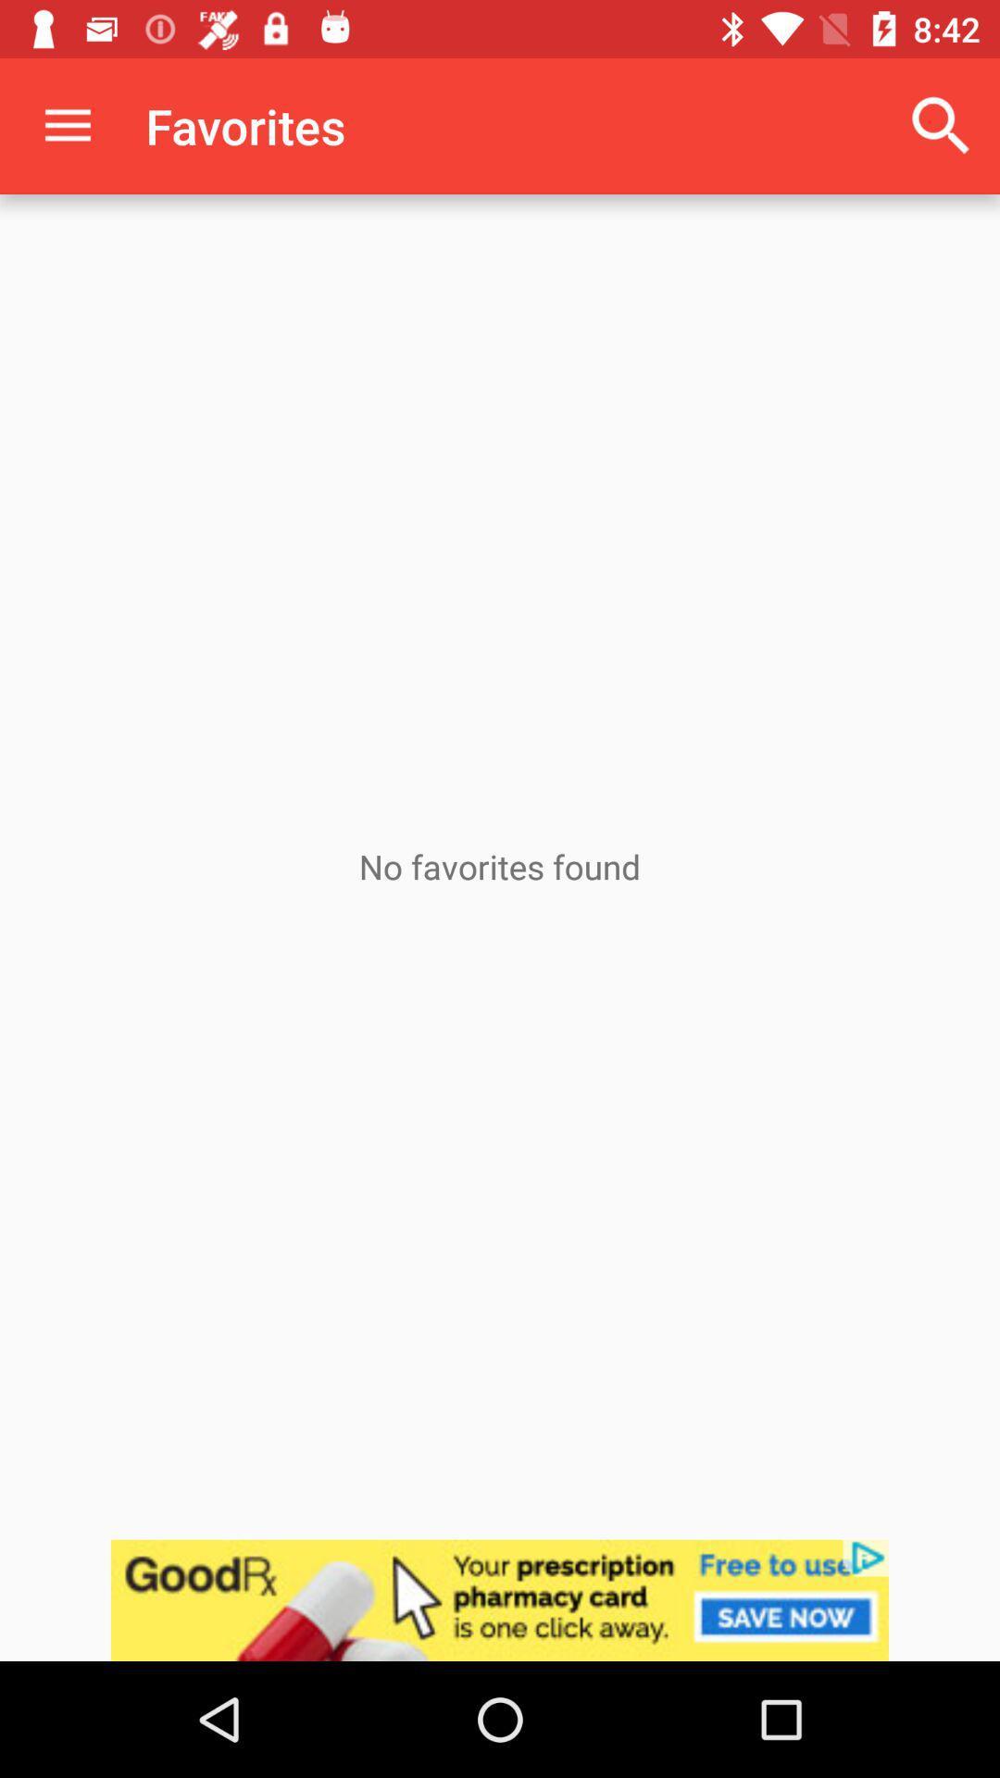 The image size is (1000, 1778). What do you see at coordinates (500, 1599) in the screenshot?
I see `advertise a website` at bounding box center [500, 1599].